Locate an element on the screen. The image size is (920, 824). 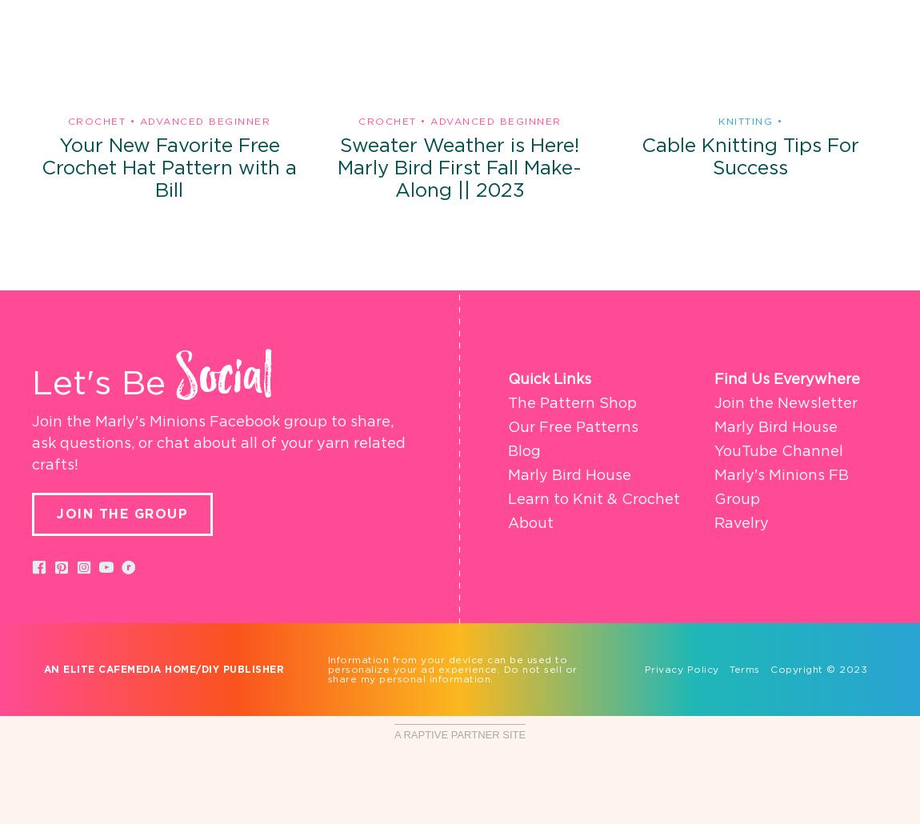
'Copyright © 2023' is located at coordinates (813, 668).